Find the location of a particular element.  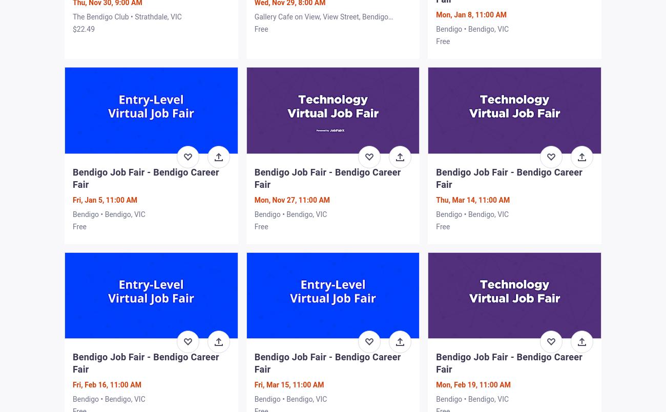

'Gallery Cafe on View, View Street, Bendigo VIC, Australia • Bendigo, VIC' is located at coordinates (321, 21).